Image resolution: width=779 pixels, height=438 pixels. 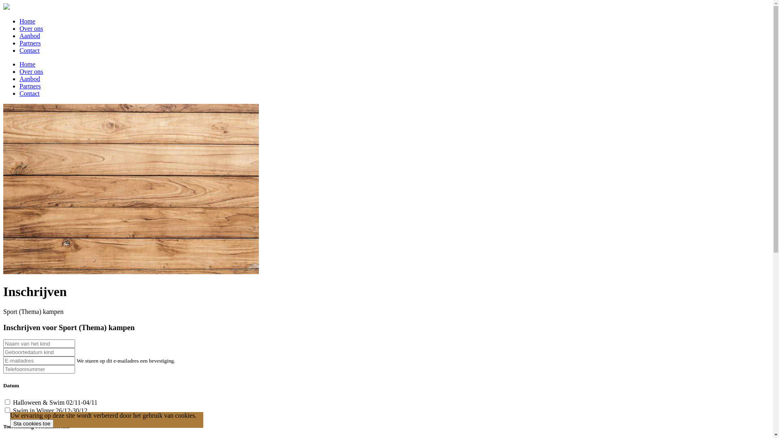 What do you see at coordinates (10, 423) in the screenshot?
I see `'Sta cookies toe'` at bounding box center [10, 423].